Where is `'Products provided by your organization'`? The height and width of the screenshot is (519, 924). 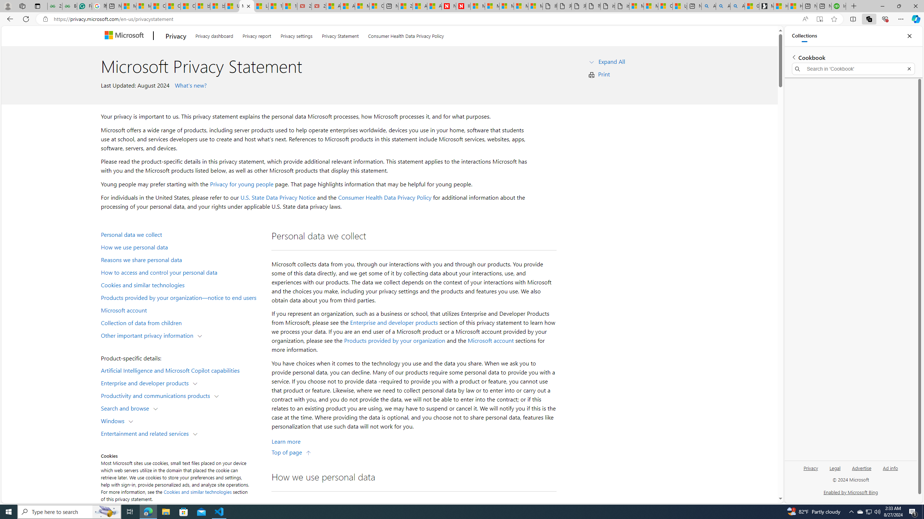
'Products provided by your organization' is located at coordinates (394, 341).